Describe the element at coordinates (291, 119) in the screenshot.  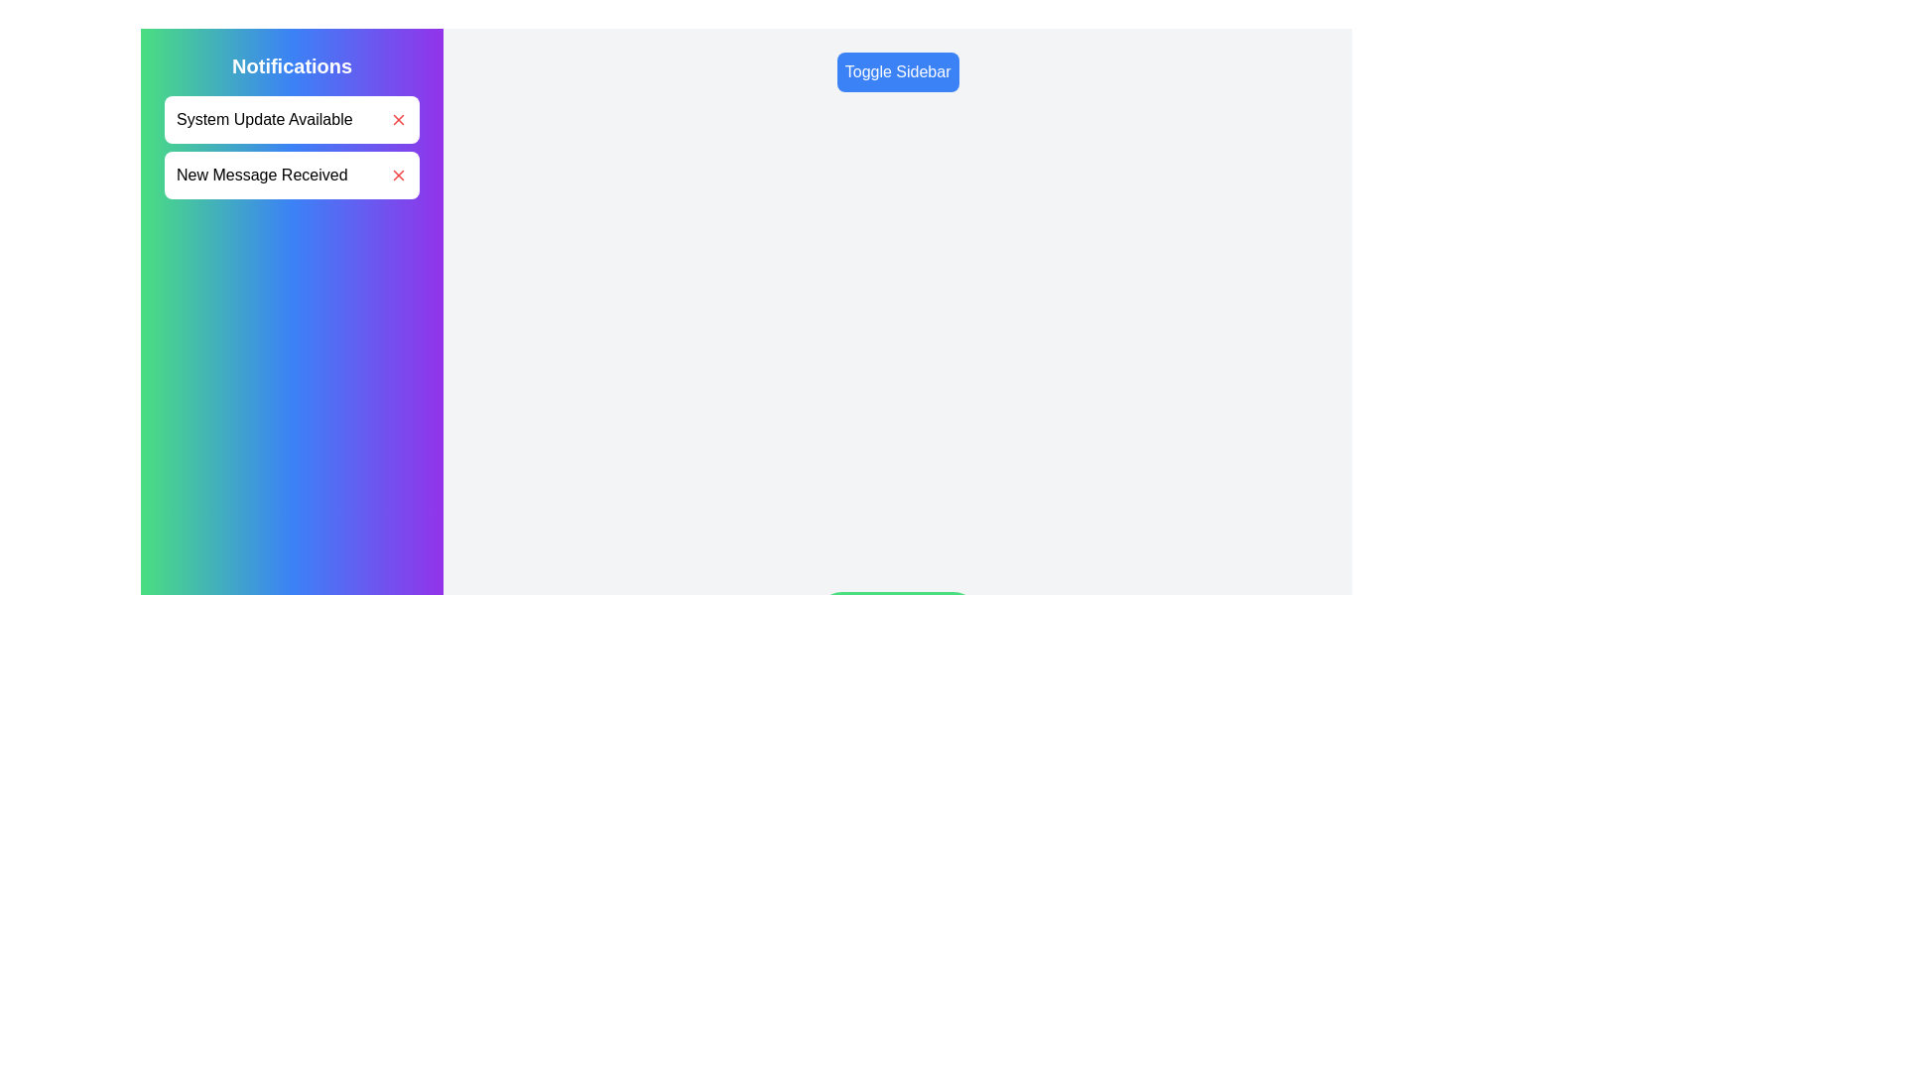
I see `the Notification item indicating a system update is available, which is the first item in a vertically stacked list in the sidebar` at that location.